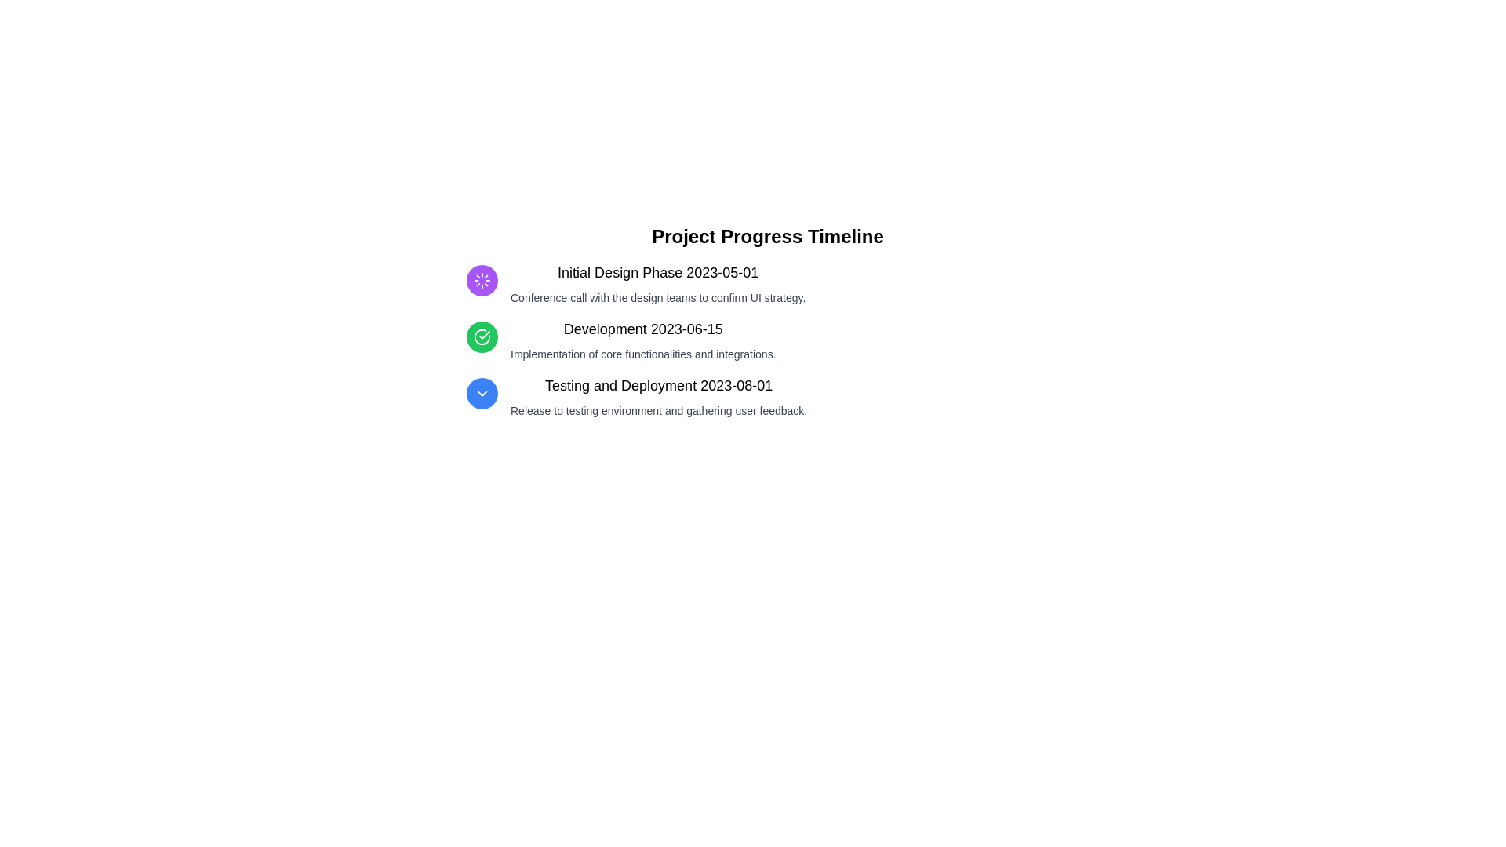  I want to click on the circular icon button with a blue background and a white downward chevron, located at the bottom of the stack of status indicators next to 'Testing and Deployment 2023-08-01', so click(481, 392).